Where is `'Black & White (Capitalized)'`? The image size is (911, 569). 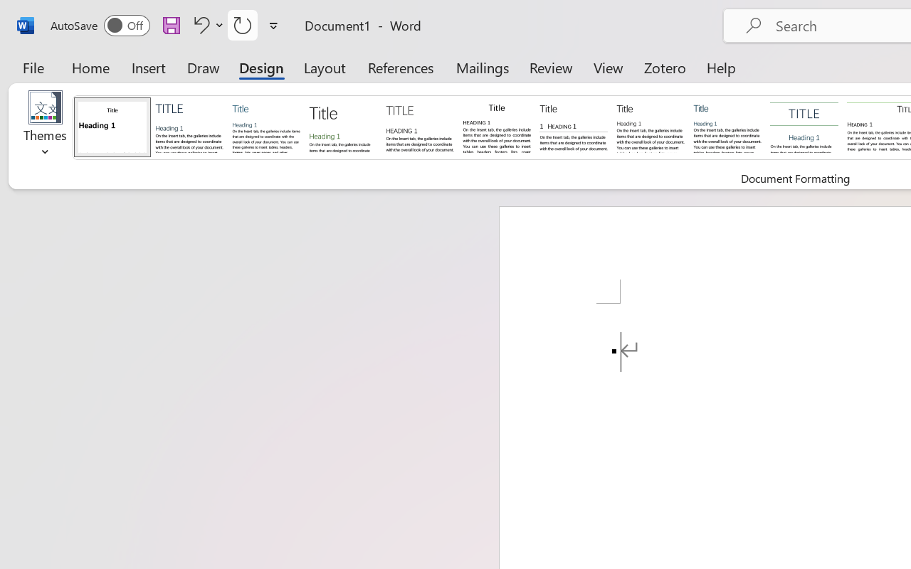 'Black & White (Capitalized)' is located at coordinates (419, 126).